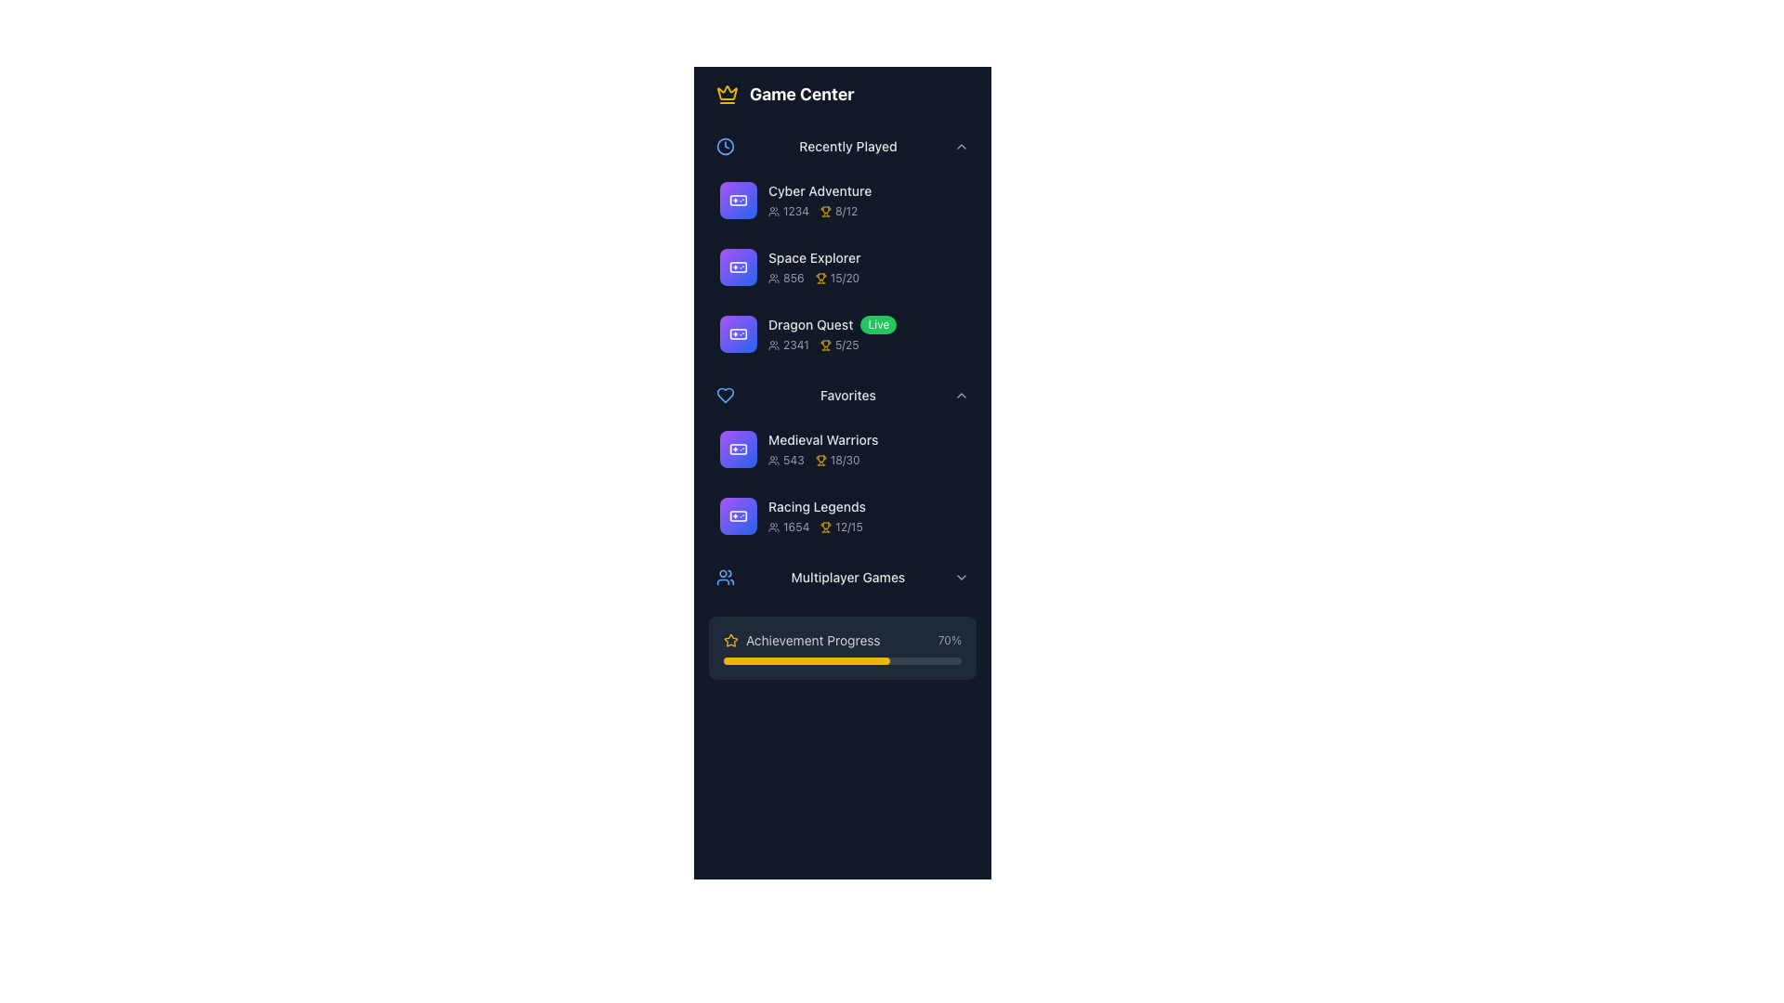 The height and width of the screenshot is (1003, 1784). What do you see at coordinates (844, 460) in the screenshot?
I see `text from the Text Label indicating user progress or count, located to the right of the numerical trophy count in the 'Favorites' section of the 'Medieval Warriors' item` at bounding box center [844, 460].